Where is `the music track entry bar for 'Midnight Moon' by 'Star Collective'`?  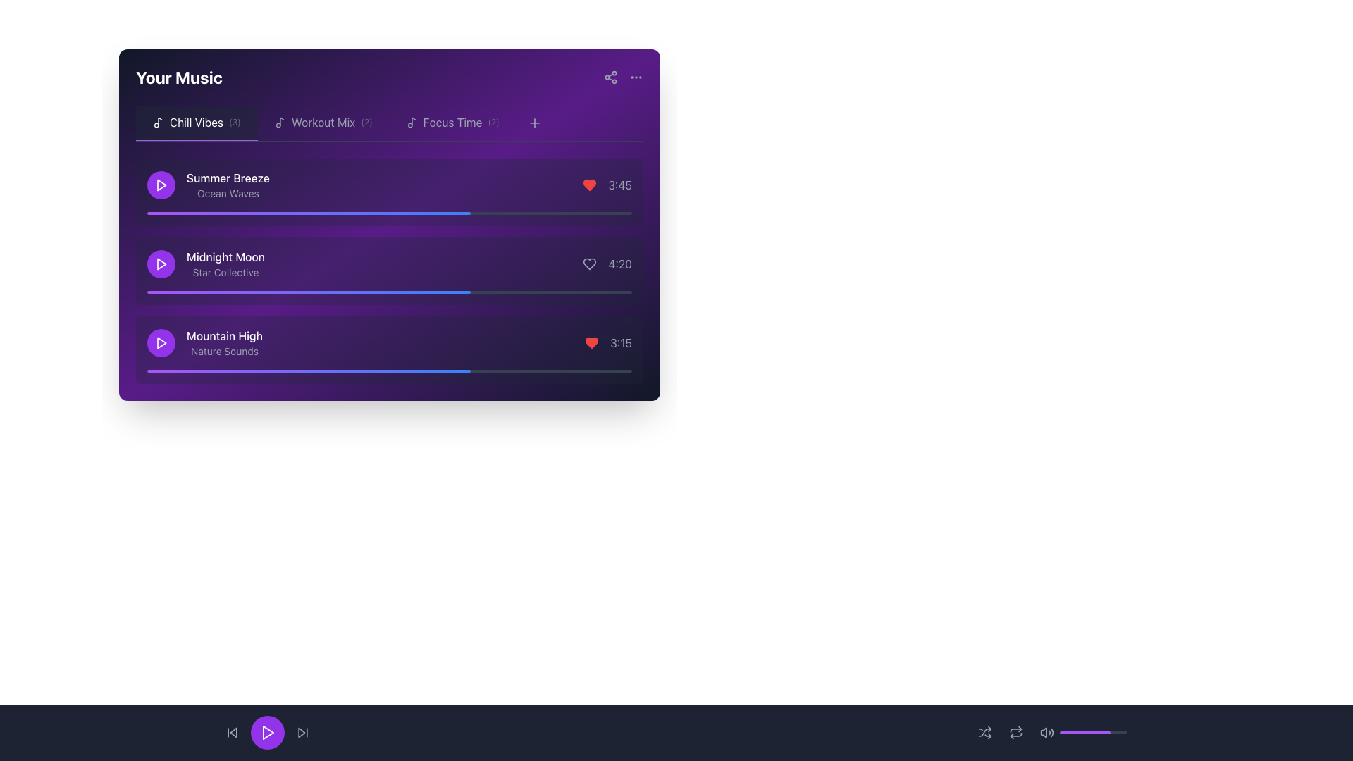 the music track entry bar for 'Midnight Moon' by 'Star Collective' is located at coordinates (389, 264).